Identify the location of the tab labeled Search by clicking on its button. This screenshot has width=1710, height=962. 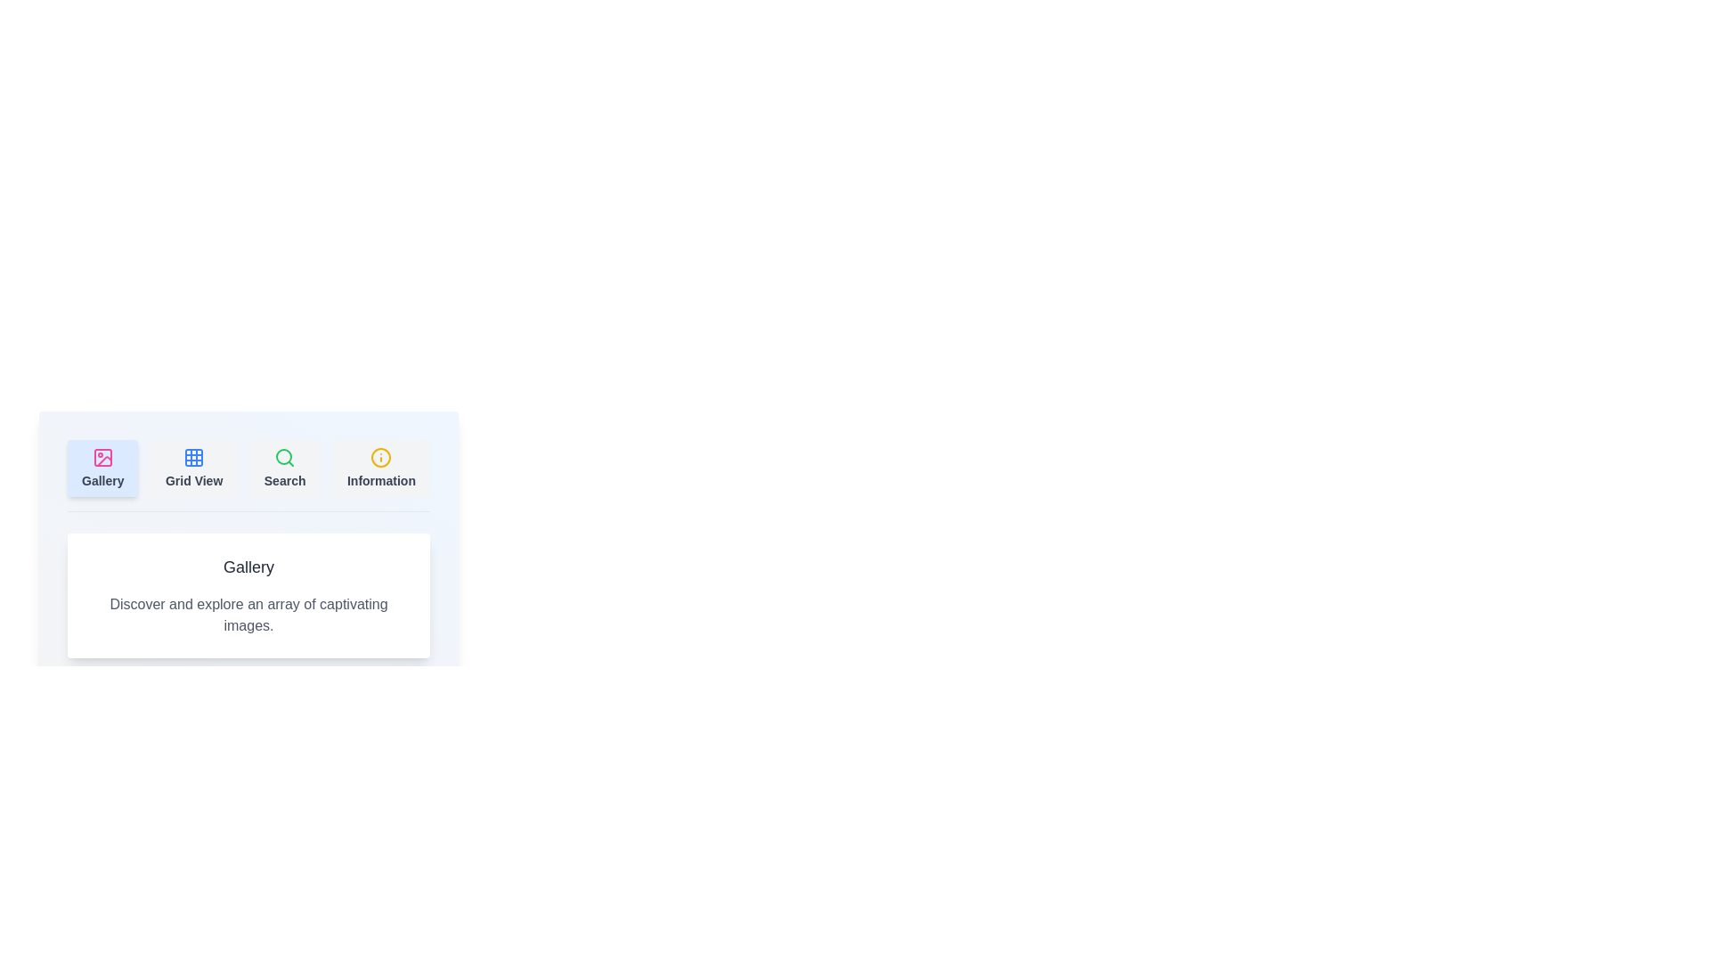
(285, 467).